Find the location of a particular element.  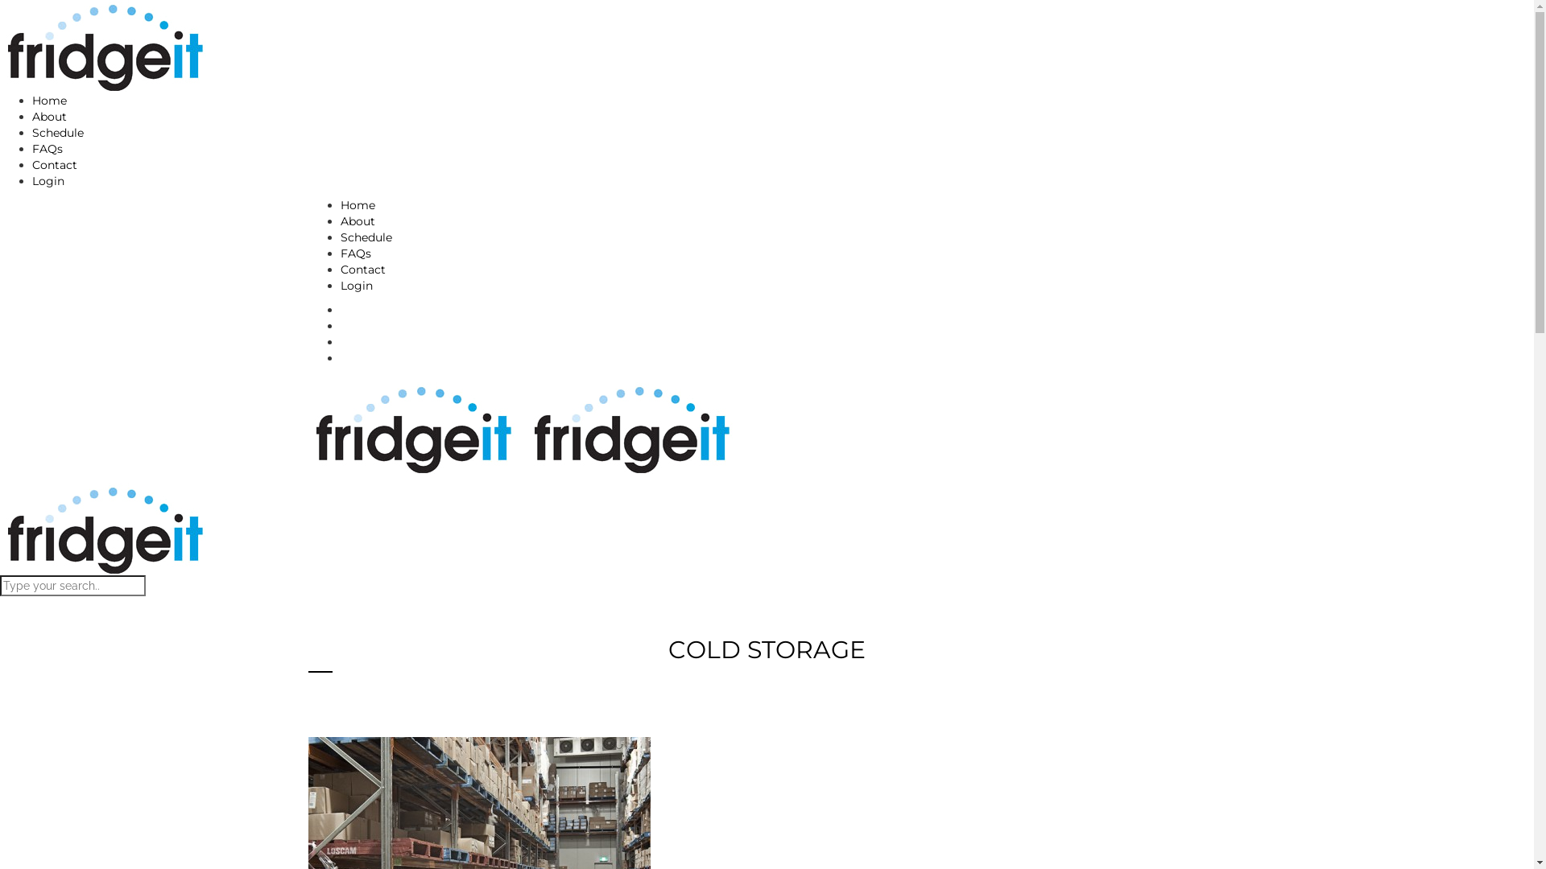

'Login' is located at coordinates (48, 180).